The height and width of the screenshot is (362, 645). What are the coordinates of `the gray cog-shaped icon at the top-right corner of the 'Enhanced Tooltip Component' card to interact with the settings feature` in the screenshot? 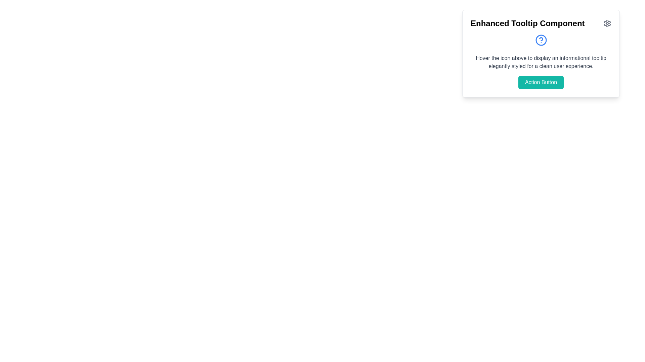 It's located at (607, 23).